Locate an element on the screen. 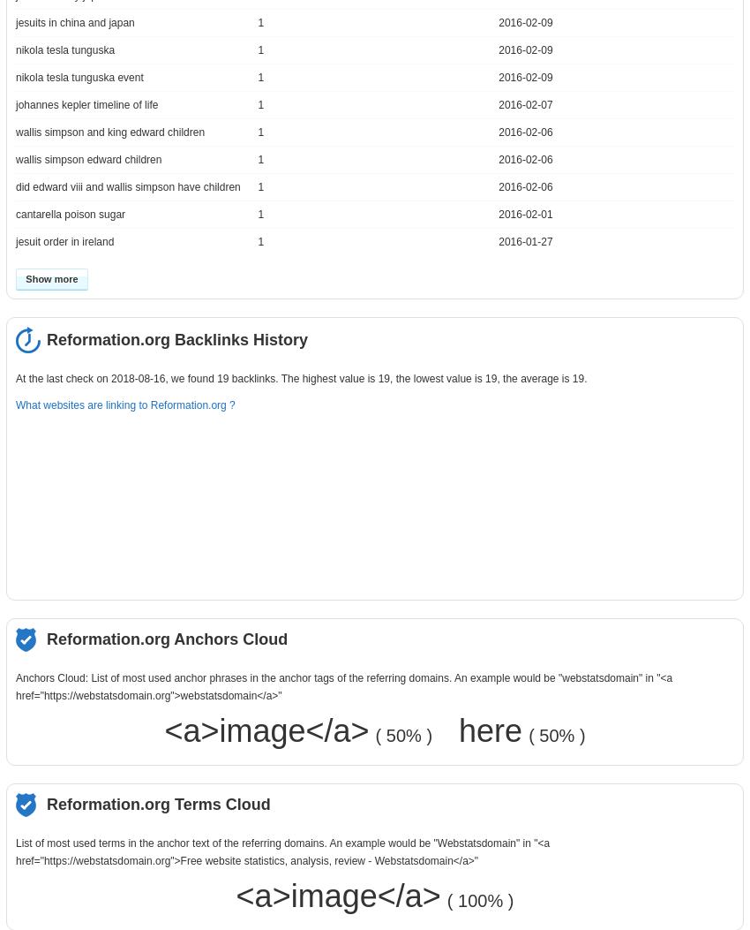  'jesuit order in ireland' is located at coordinates (64, 240).